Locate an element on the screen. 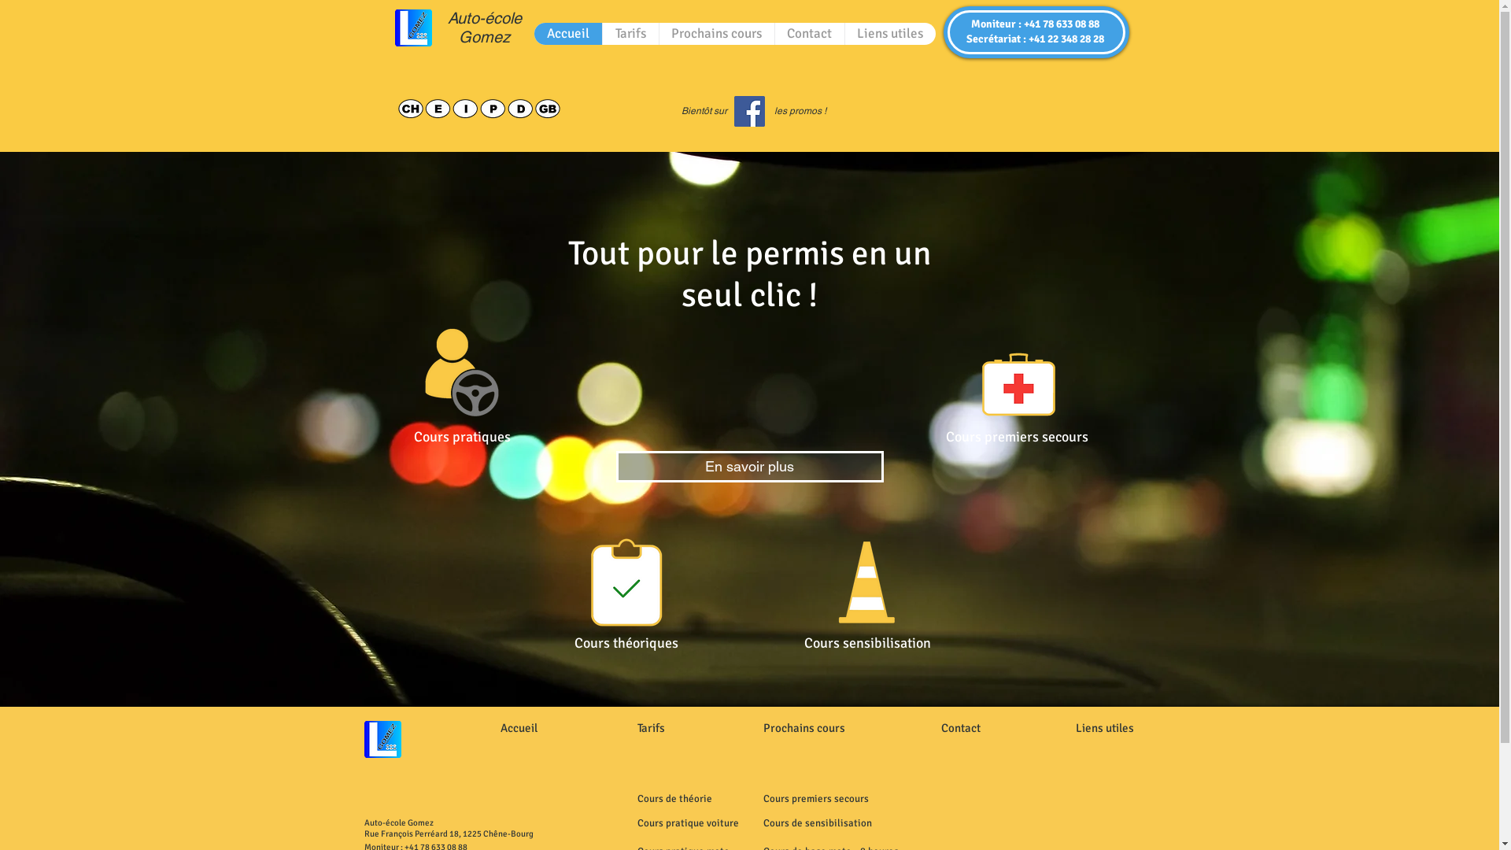 This screenshot has width=1511, height=850. 'Cours premiers secours' is located at coordinates (763, 798).